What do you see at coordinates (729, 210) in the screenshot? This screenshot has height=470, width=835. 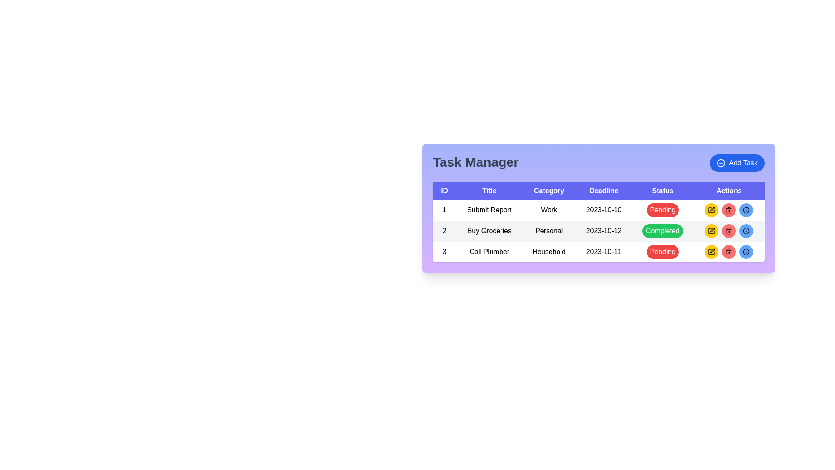 I see `the second button in the 'Actions' column of the first row in the task management table` at bounding box center [729, 210].